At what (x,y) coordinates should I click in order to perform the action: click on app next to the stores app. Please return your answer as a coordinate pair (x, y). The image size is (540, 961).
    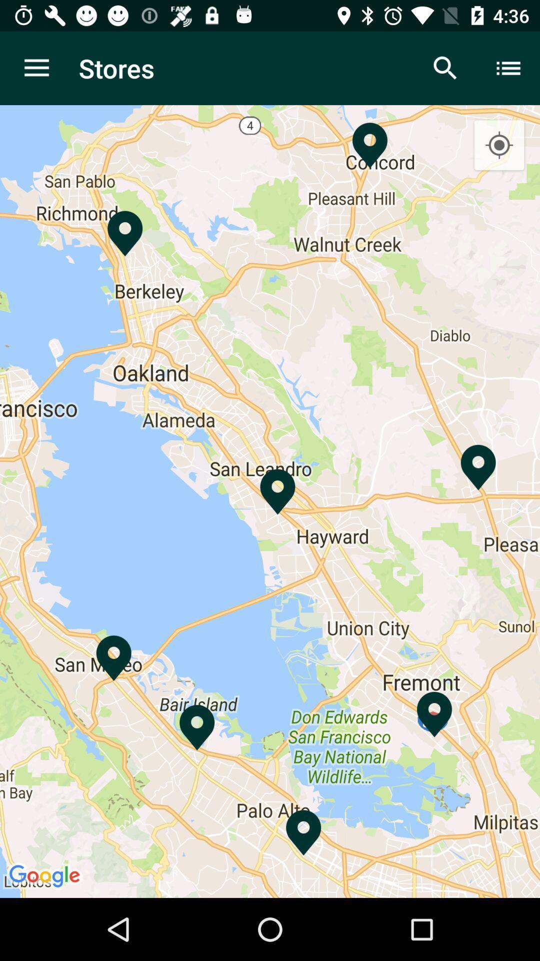
    Looking at the image, I should click on (445, 68).